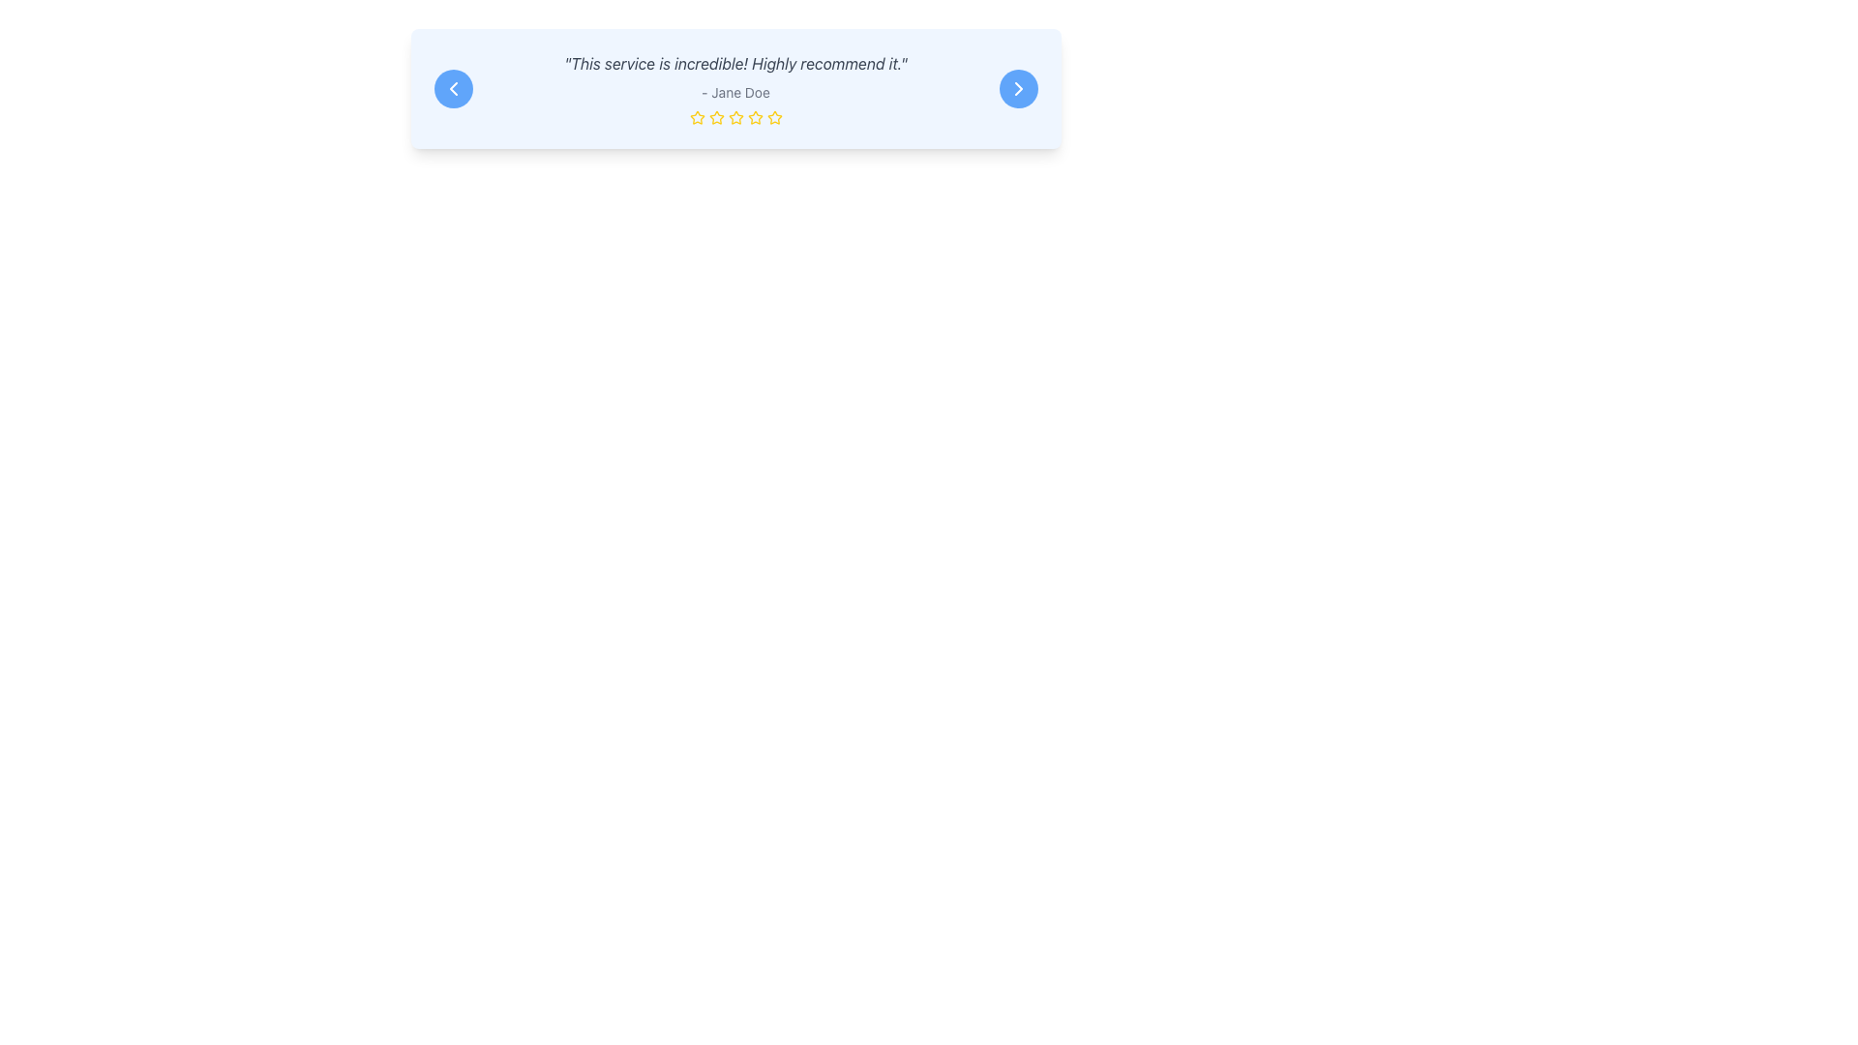 The image size is (1858, 1045). Describe the element at coordinates (1017, 89) in the screenshot. I see `the navigation icon located inside the circular button at the top-right corner of the card-style interface` at that location.